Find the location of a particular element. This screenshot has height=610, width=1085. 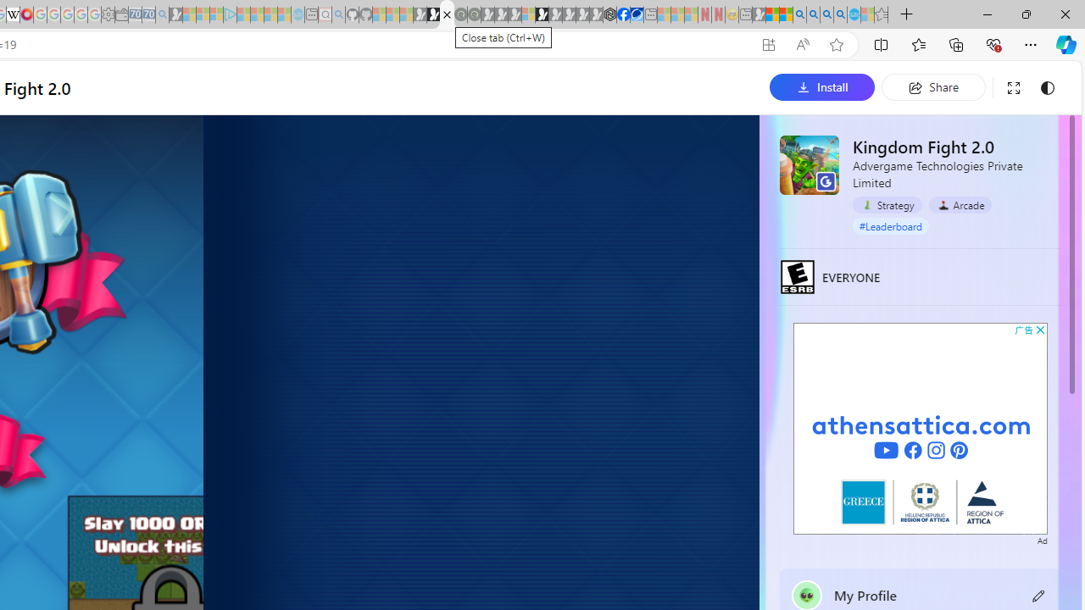

'Home | Sky Blue Bikes - Sky Blue Bikes - Sleeping' is located at coordinates (298, 14).